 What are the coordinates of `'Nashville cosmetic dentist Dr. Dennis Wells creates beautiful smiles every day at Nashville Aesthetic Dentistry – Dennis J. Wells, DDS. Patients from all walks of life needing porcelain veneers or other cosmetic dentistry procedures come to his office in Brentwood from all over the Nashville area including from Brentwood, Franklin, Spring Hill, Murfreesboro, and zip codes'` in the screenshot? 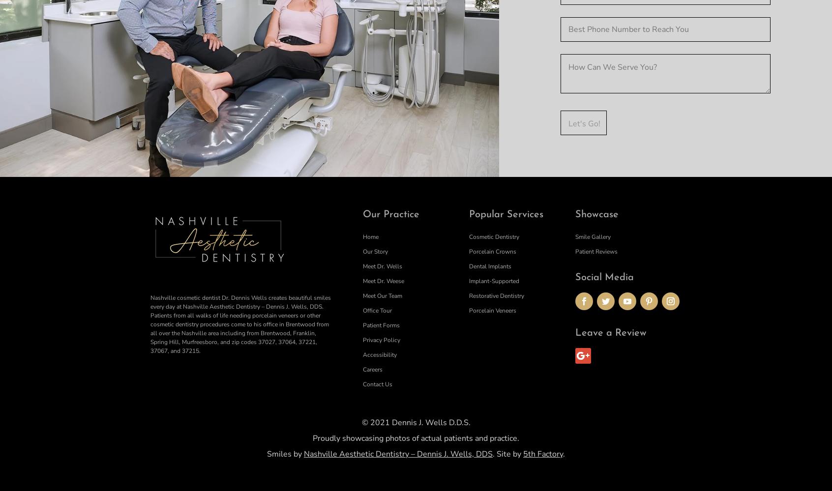 It's located at (240, 319).